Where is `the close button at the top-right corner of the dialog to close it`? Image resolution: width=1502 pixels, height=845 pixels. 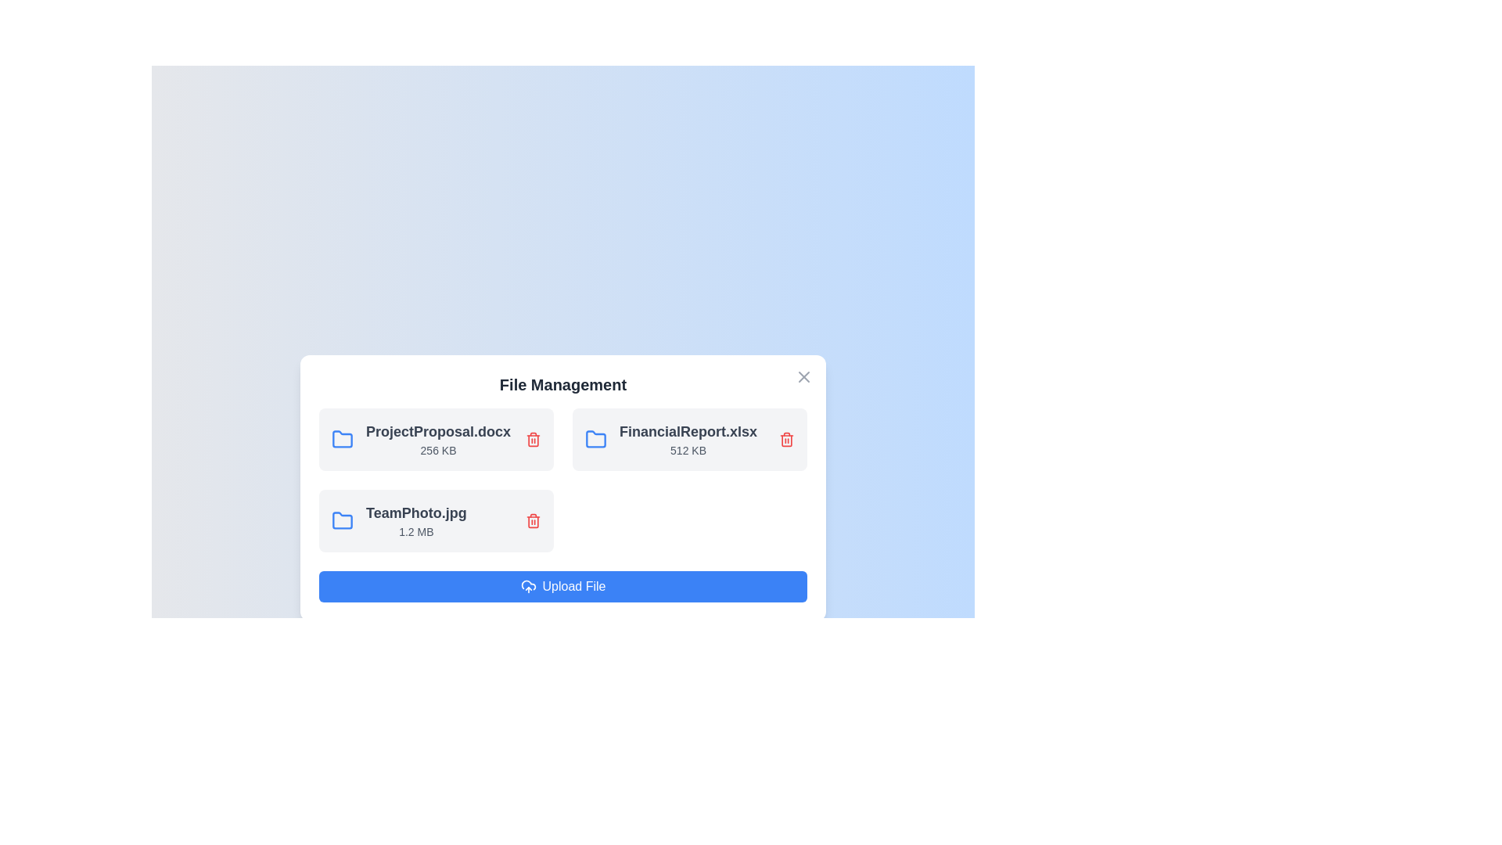 the close button at the top-right corner of the dialog to close it is located at coordinates (803, 377).